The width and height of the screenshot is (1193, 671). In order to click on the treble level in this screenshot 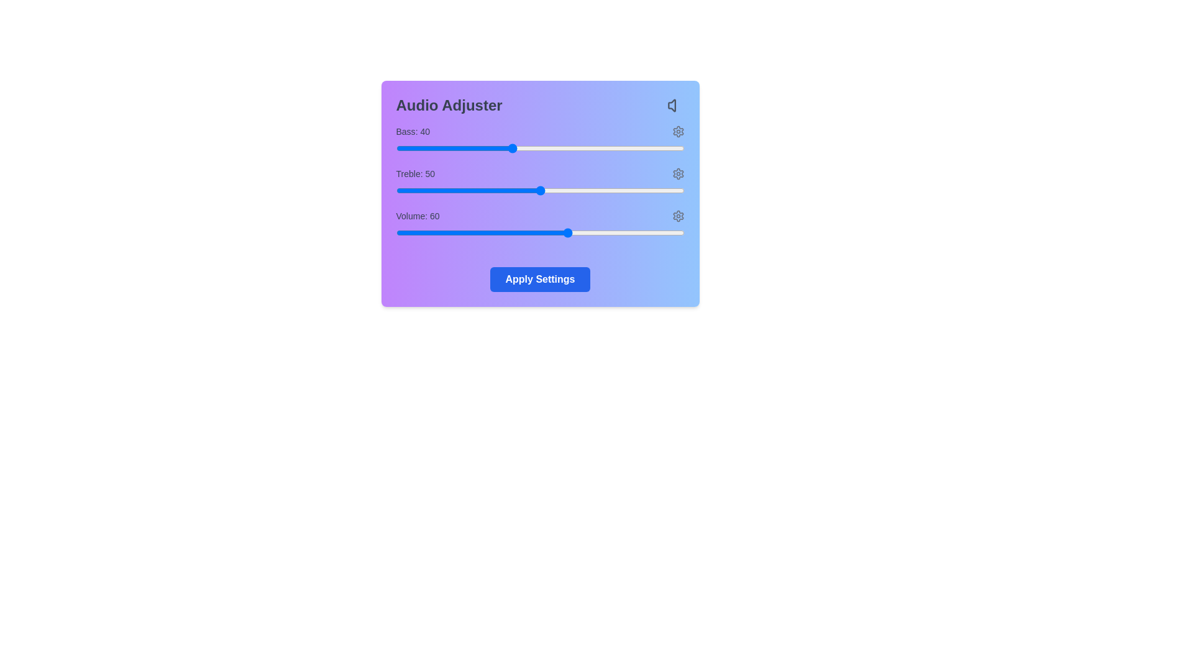, I will do `click(603, 191)`.